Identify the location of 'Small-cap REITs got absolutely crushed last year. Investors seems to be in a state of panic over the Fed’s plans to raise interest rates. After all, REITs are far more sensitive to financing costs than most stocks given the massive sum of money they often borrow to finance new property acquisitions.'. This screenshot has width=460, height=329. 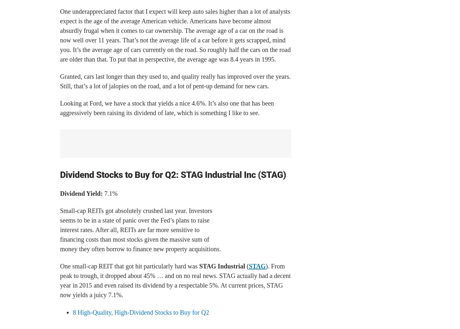
(60, 229).